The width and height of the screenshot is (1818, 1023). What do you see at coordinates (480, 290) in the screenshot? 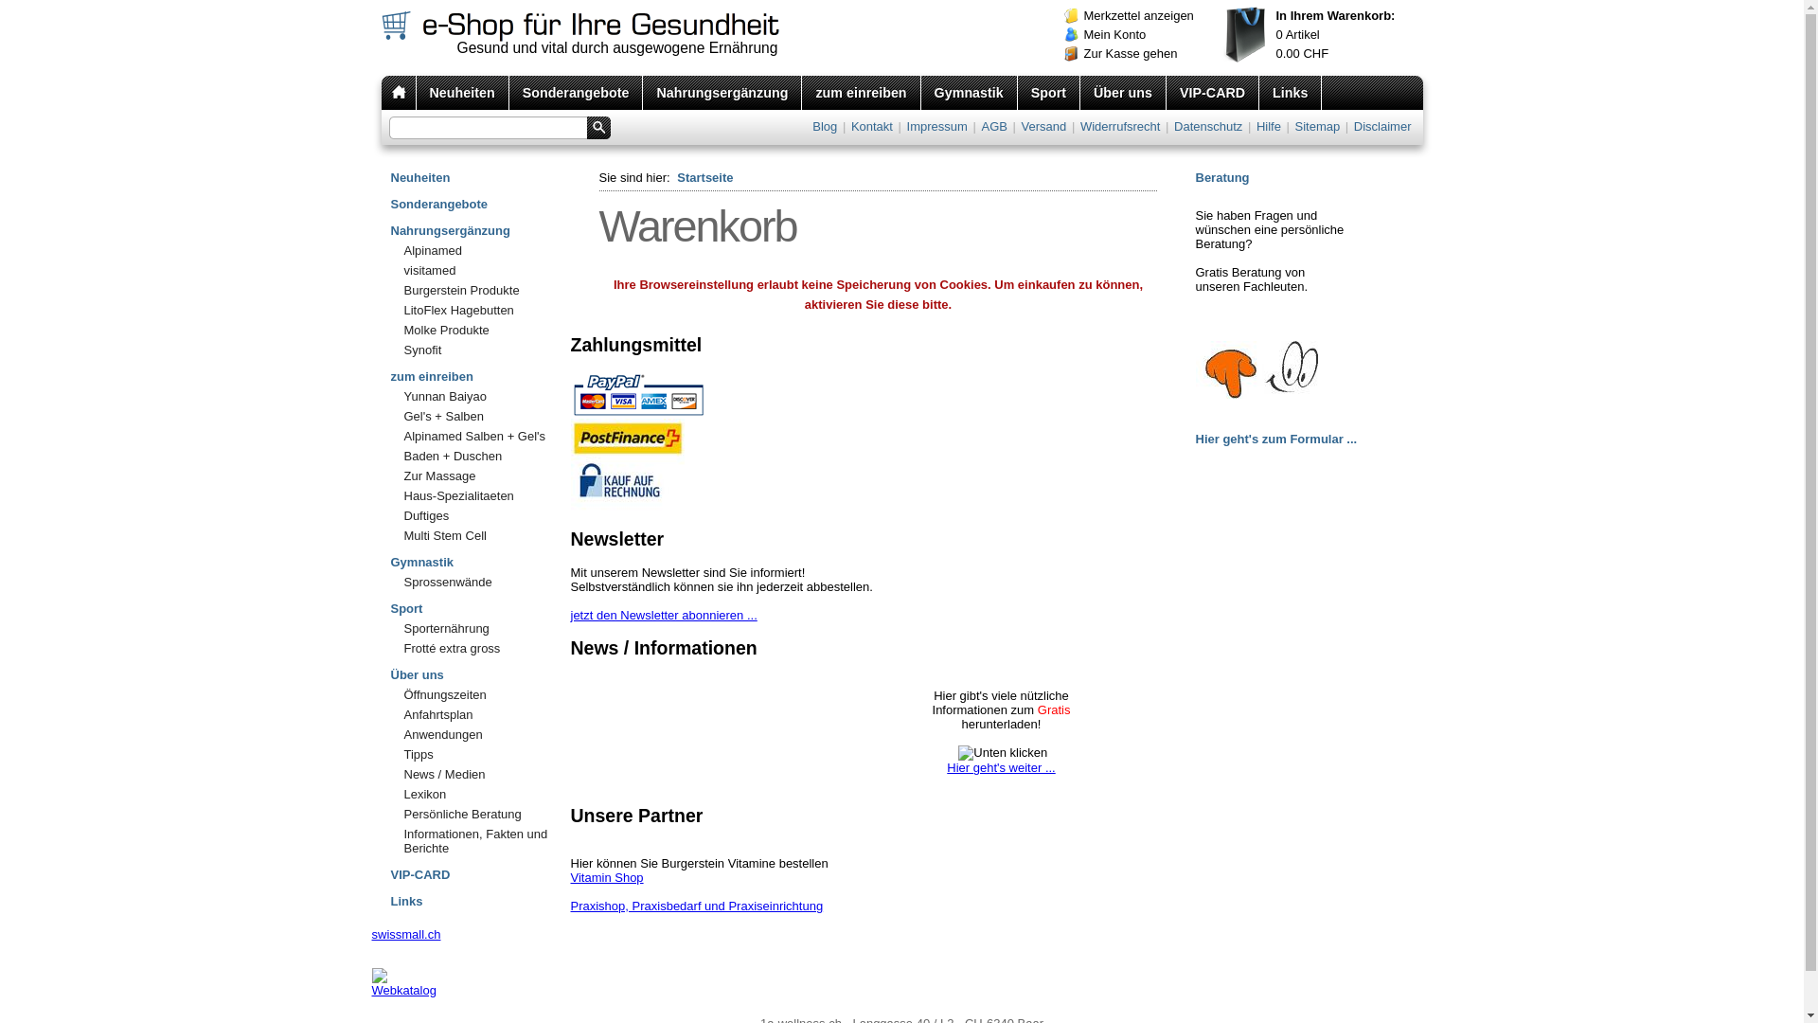
I see `'Burgerstein Produkte'` at bounding box center [480, 290].